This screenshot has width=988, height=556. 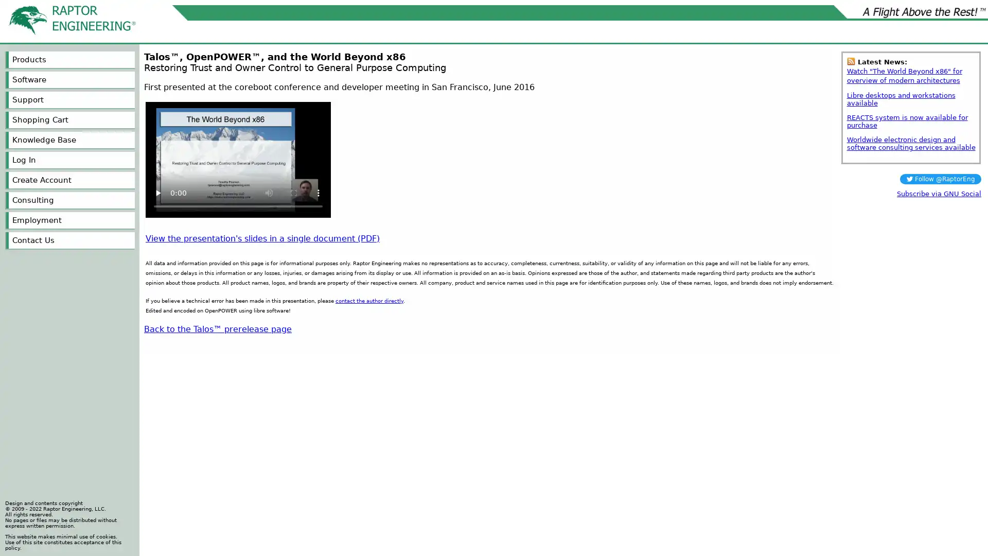 What do you see at coordinates (318, 193) in the screenshot?
I see `show more media controls` at bounding box center [318, 193].